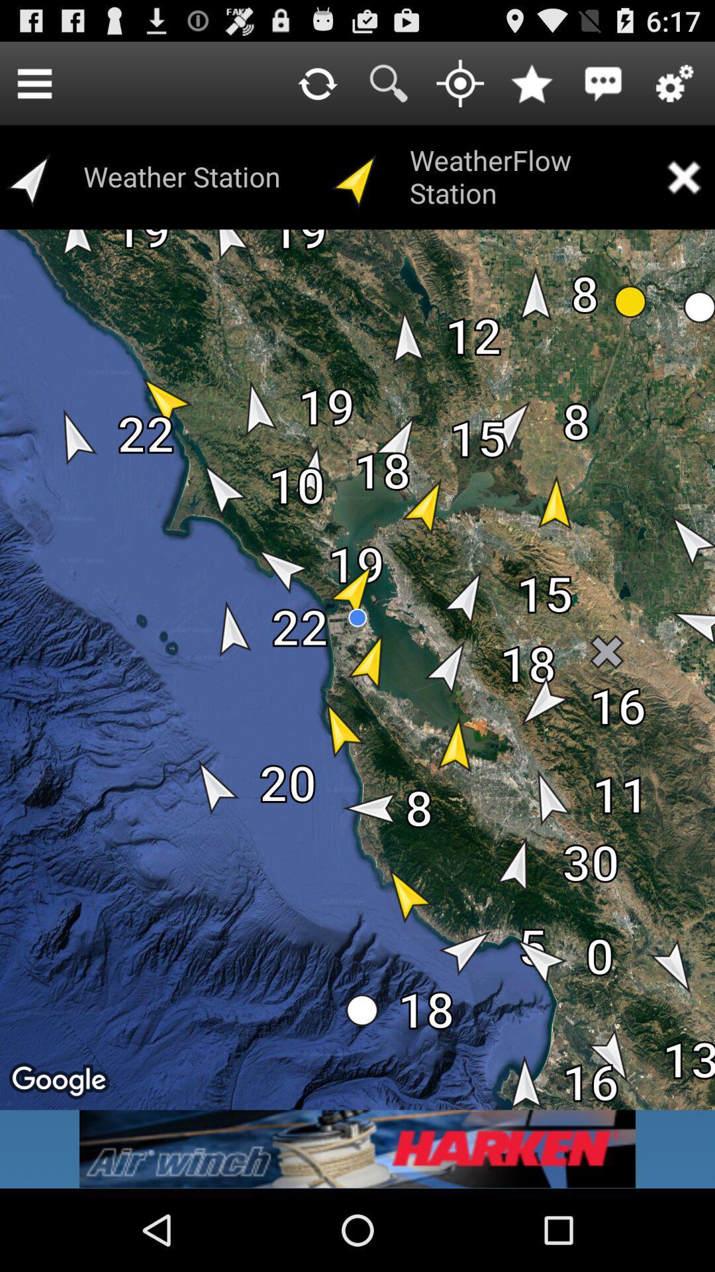 This screenshot has height=1272, width=715. Describe the element at coordinates (683, 176) in the screenshot. I see `removes the weatherflow station elements for the screen` at that location.